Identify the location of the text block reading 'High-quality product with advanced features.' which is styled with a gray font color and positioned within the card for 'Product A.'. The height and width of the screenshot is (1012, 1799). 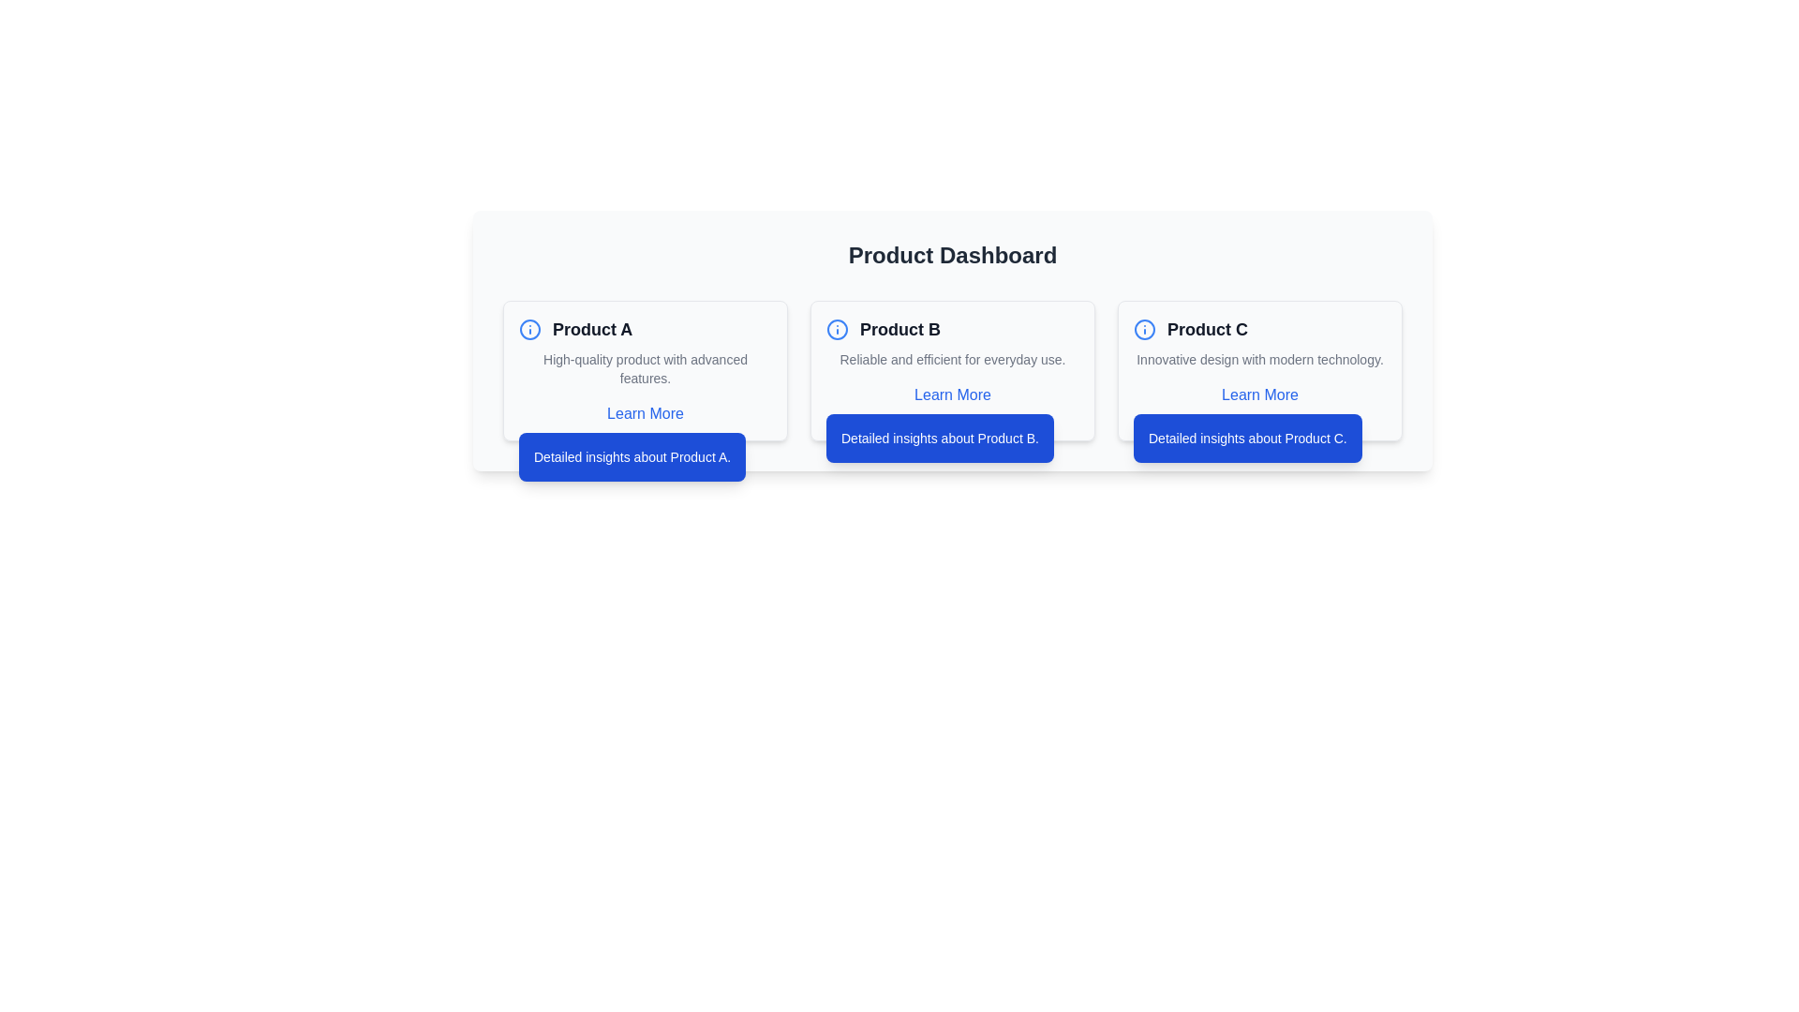
(646, 368).